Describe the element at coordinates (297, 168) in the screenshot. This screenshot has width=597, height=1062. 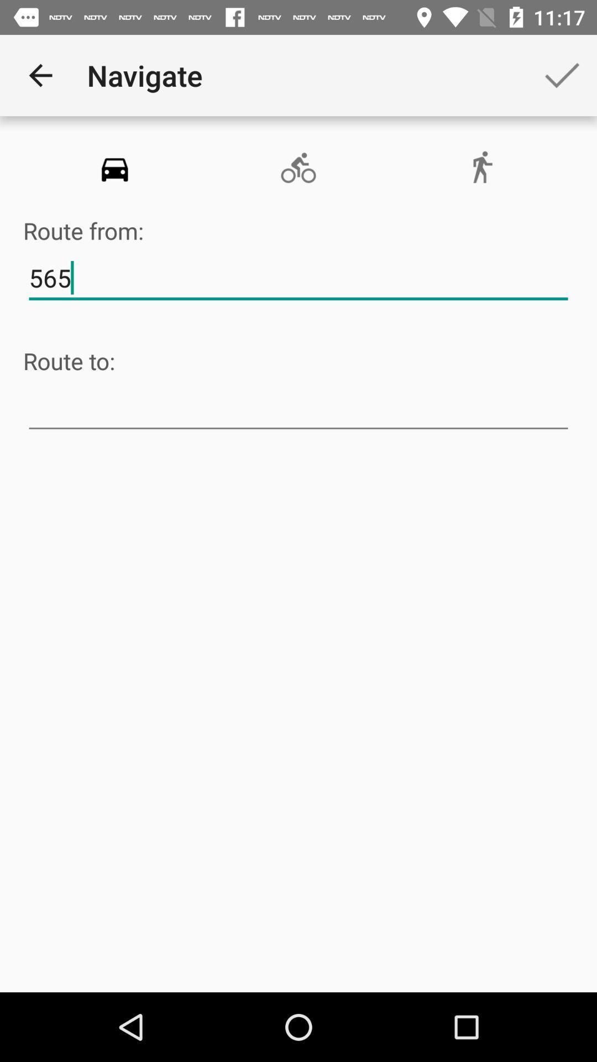
I see `item above the 565` at that location.